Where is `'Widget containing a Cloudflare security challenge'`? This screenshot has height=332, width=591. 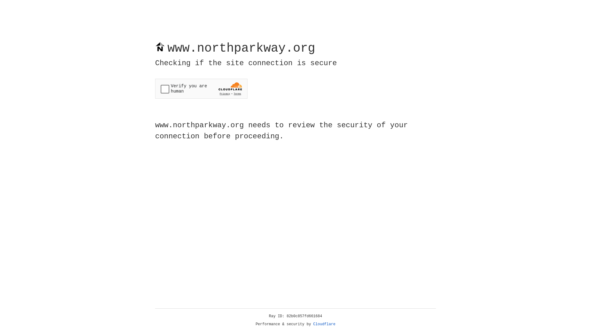 'Widget containing a Cloudflare security challenge' is located at coordinates (201, 89).